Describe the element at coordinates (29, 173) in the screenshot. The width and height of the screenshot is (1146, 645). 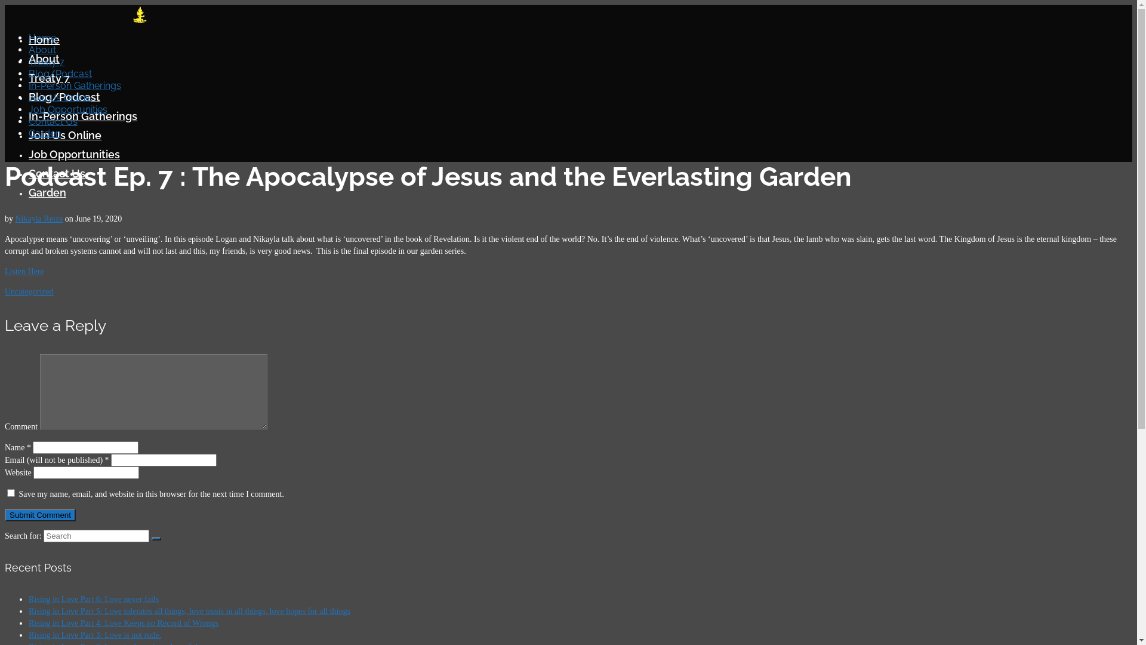
I see `'Contact Us'` at that location.